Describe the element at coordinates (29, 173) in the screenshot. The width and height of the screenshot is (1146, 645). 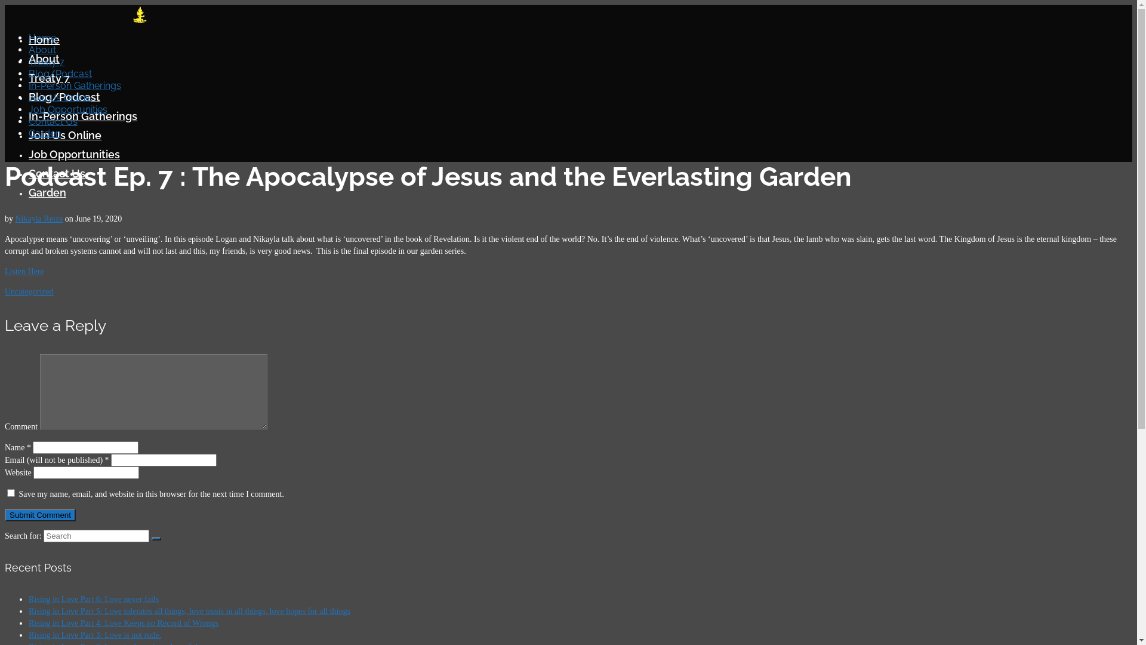
I see `'Contact Us'` at that location.